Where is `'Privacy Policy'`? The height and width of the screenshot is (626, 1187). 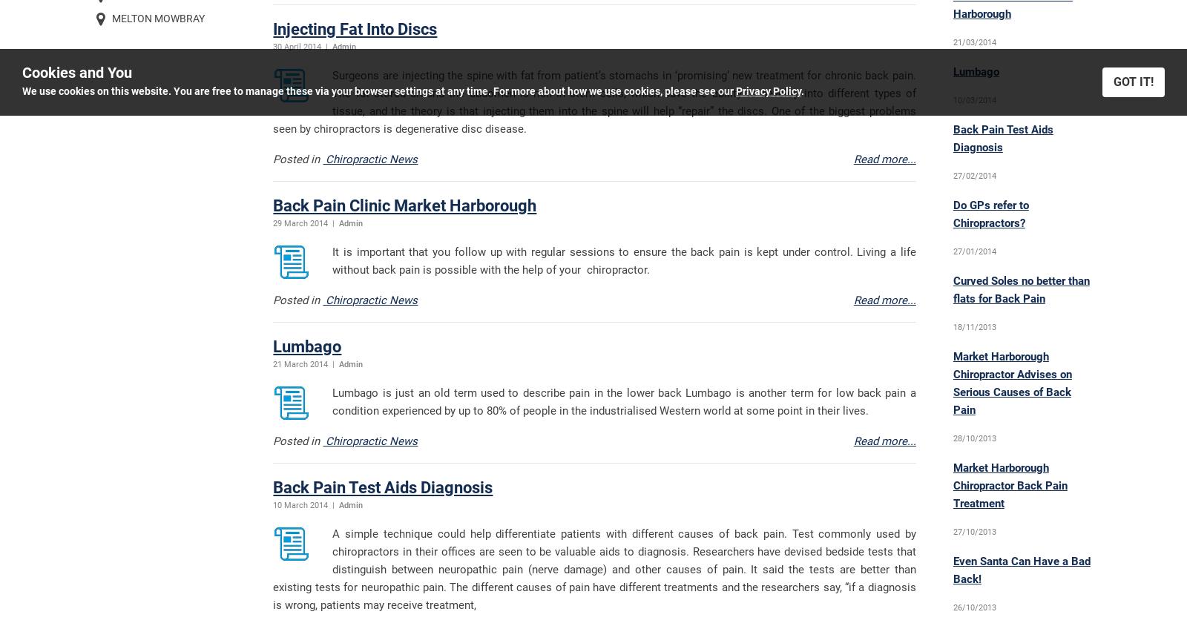 'Privacy Policy' is located at coordinates (735, 90).